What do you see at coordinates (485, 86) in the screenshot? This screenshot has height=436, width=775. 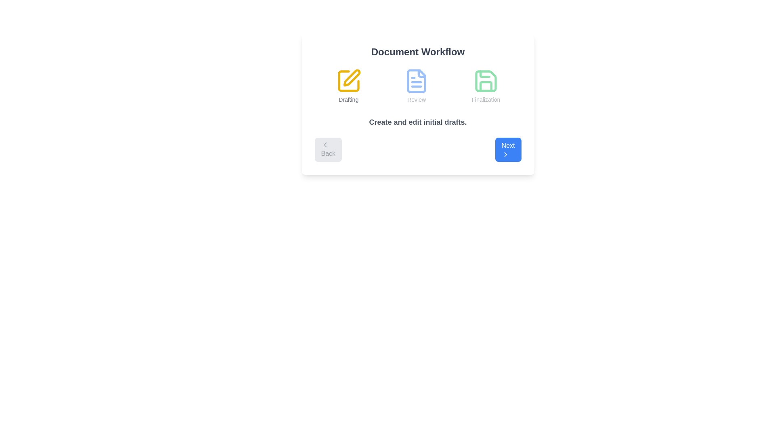 I see `the green save file icon with the text label 'Finalization', which is the rightmost element in a row of three elements including 'Drafting' and 'Review'` at bounding box center [485, 86].